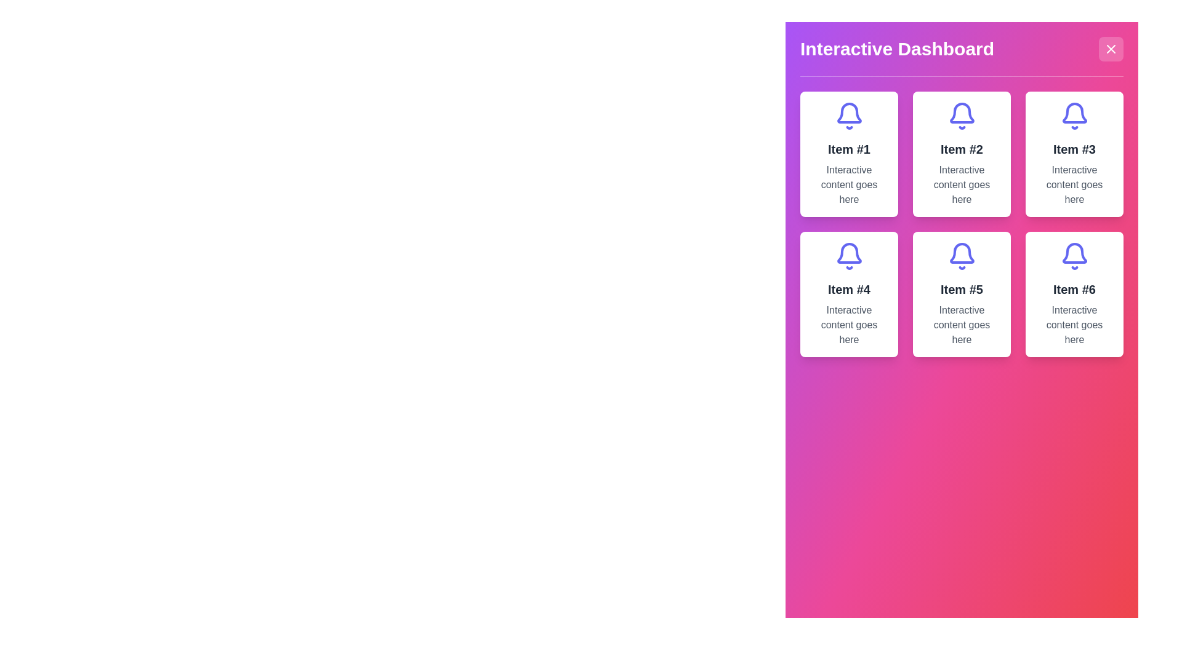  Describe the element at coordinates (961, 289) in the screenshot. I see `the text label located in the center column of the second item in the bottom row of a 3x2 grid layout` at that location.